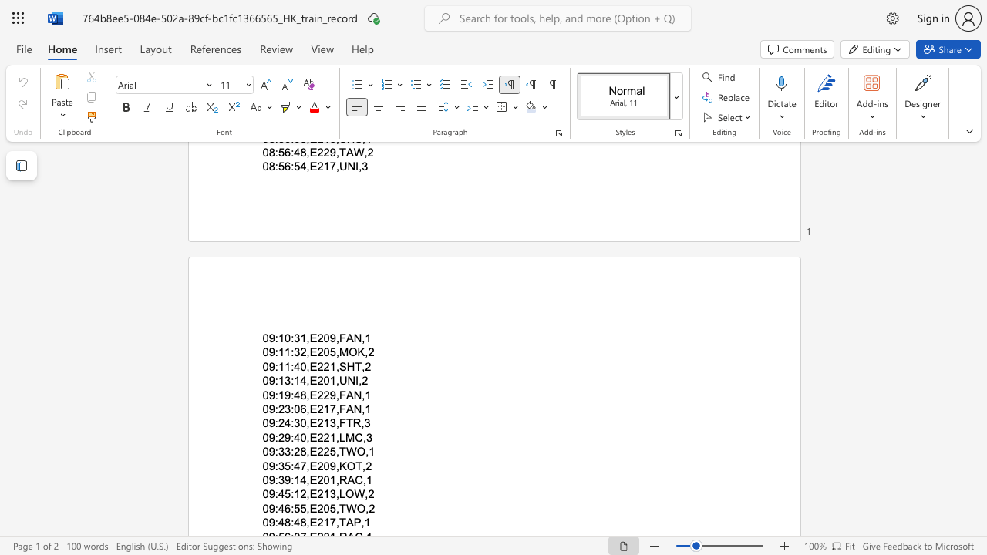 This screenshot has width=987, height=555. I want to click on the space between the continuous character "0" and "9" in the text, so click(268, 479).